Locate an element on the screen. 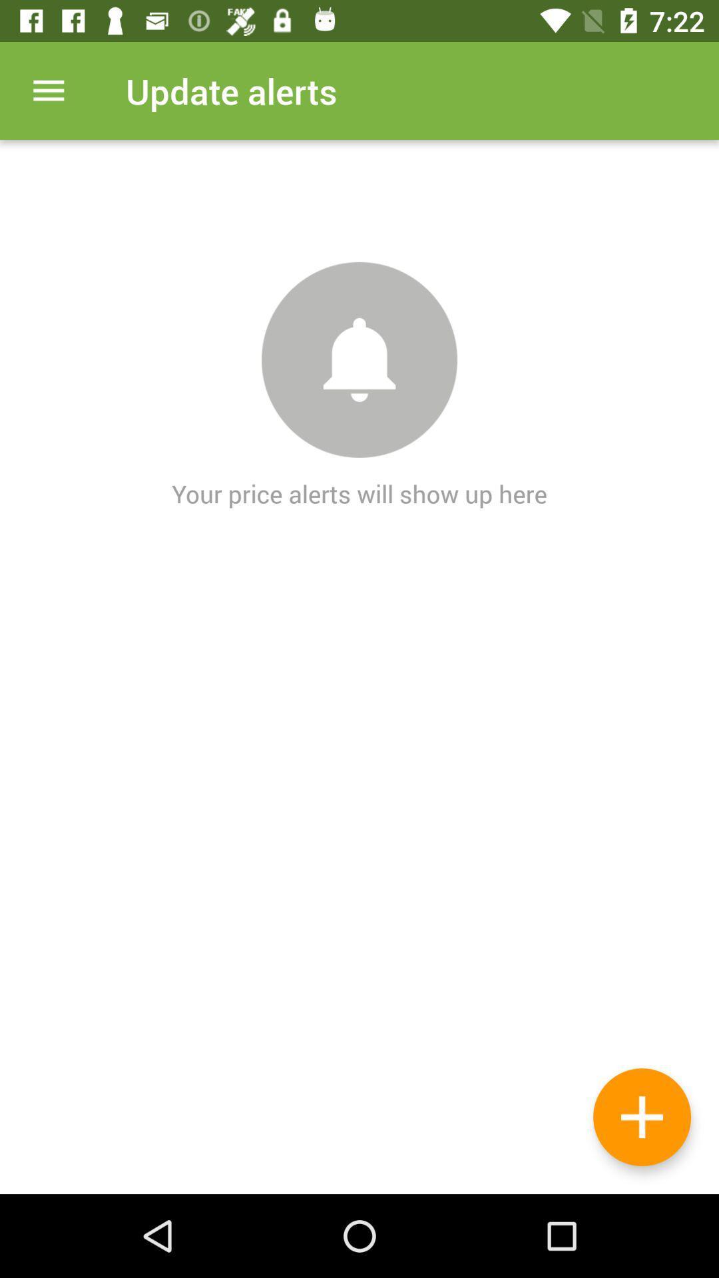 This screenshot has width=719, height=1278. display menu options is located at coordinates (48, 90).